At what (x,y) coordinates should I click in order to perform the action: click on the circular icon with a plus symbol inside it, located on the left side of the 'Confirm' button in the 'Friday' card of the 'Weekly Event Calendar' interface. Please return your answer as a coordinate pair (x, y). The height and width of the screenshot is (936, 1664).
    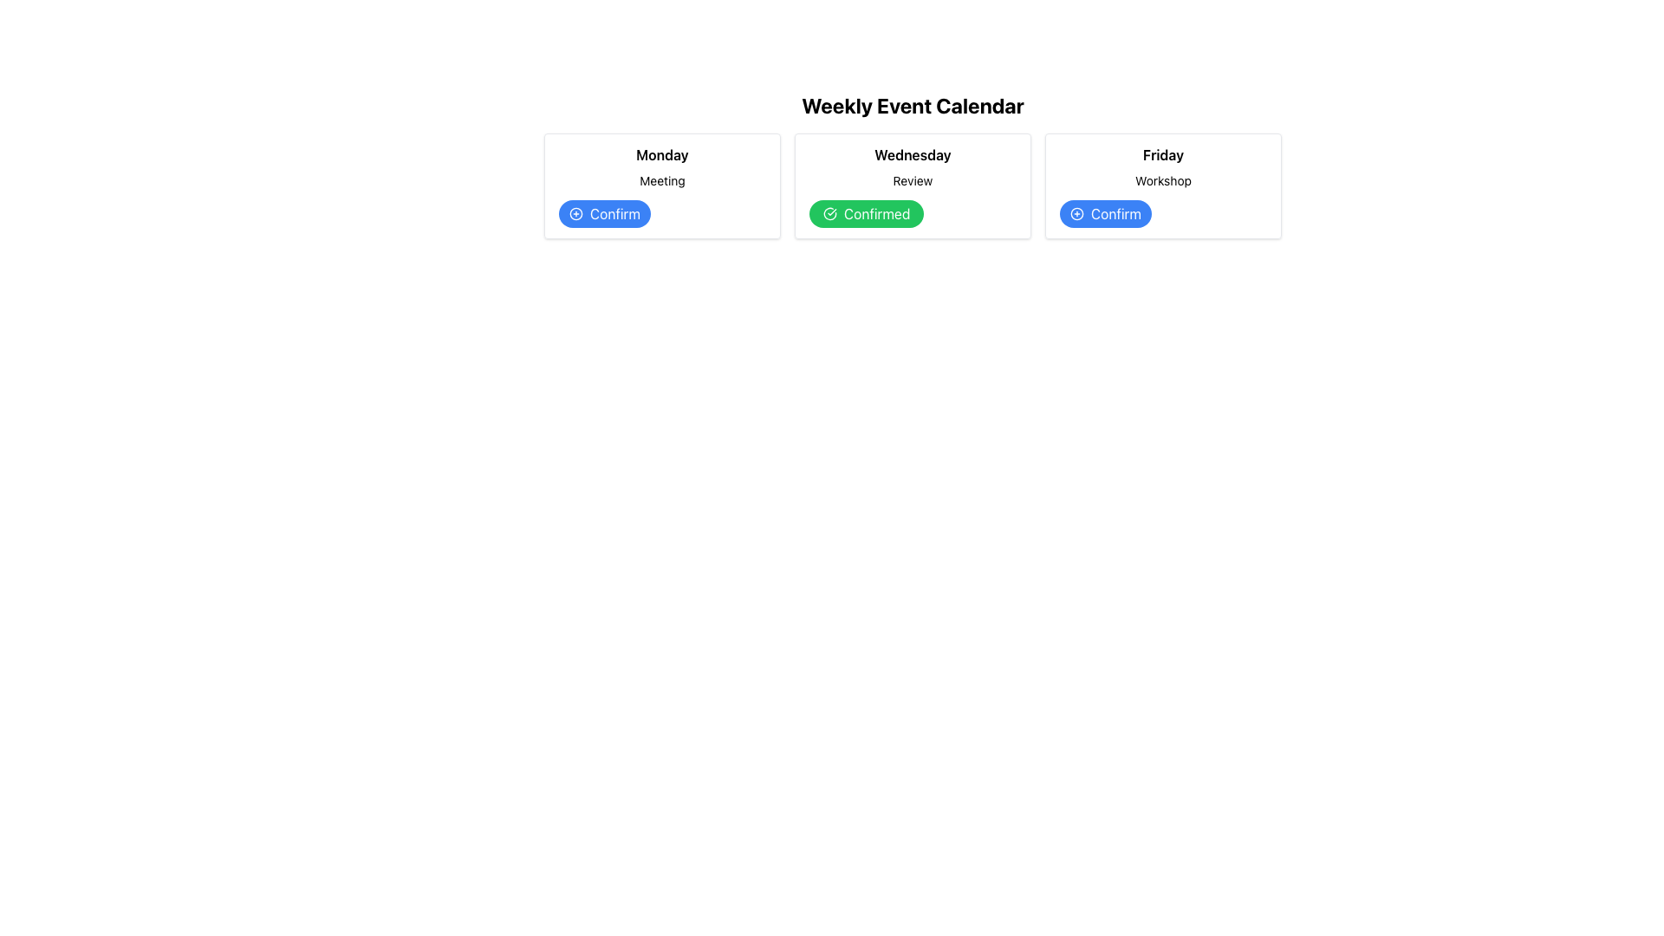
    Looking at the image, I should click on (1076, 212).